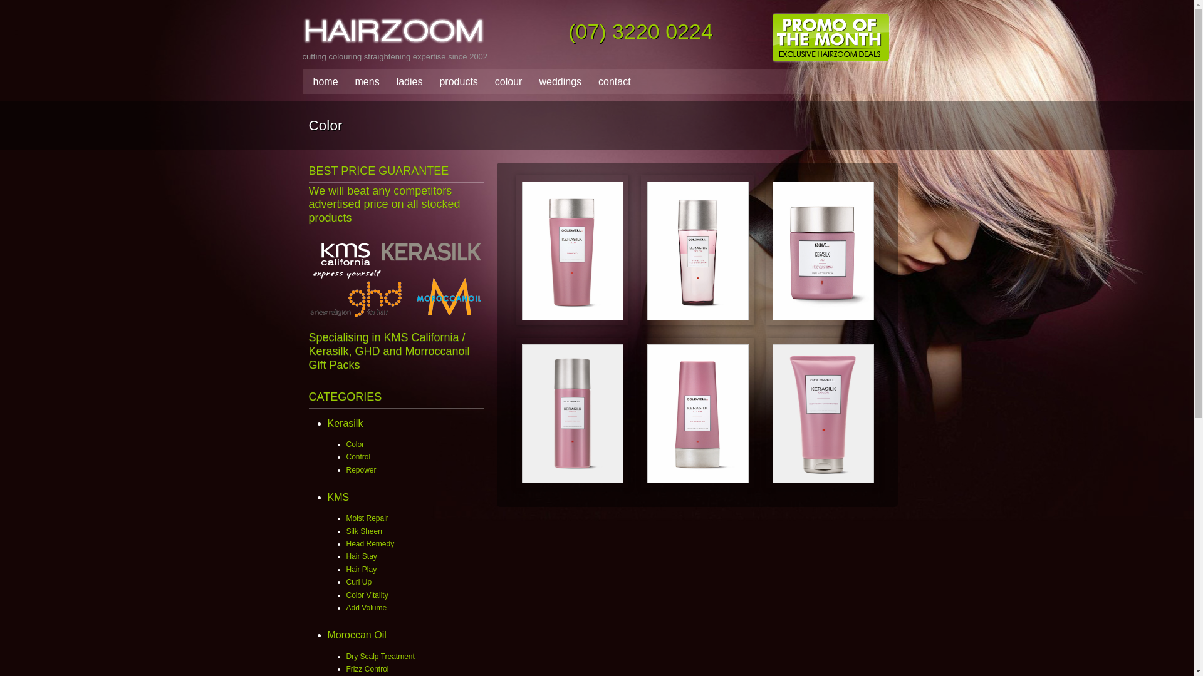 The height and width of the screenshot is (676, 1203). What do you see at coordinates (366, 668) in the screenshot?
I see `'Frizz Control'` at bounding box center [366, 668].